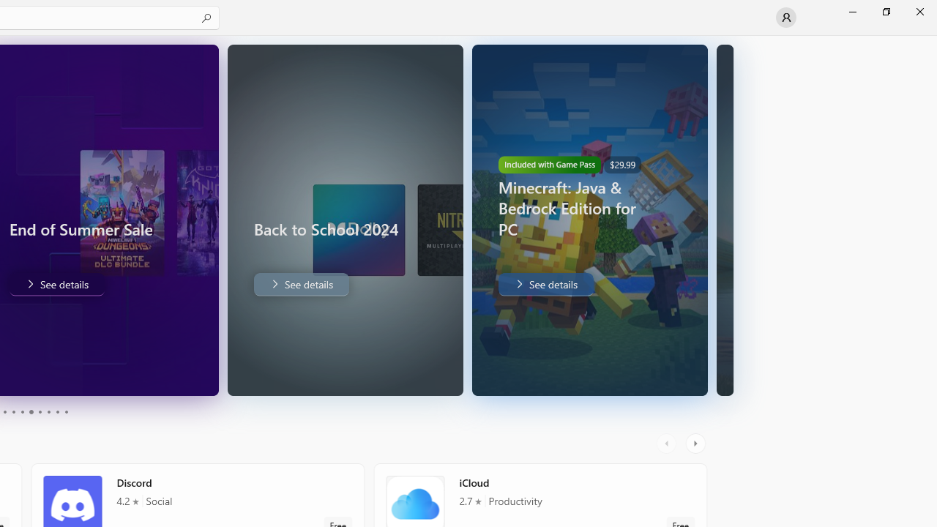 The height and width of the screenshot is (527, 937). I want to click on 'Page 9', so click(57, 412).